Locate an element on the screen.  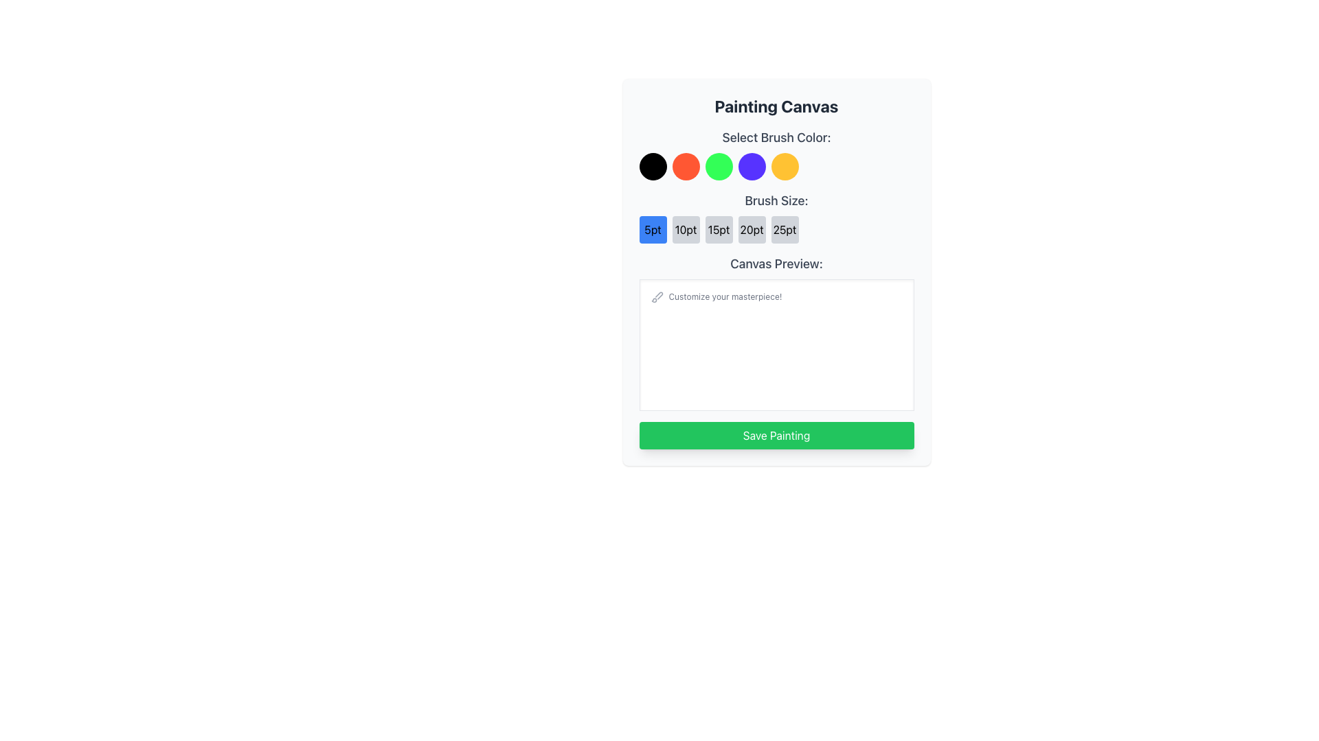
the 15pt button, which is a square button with a gray background and bold black text is located at coordinates (718, 229).